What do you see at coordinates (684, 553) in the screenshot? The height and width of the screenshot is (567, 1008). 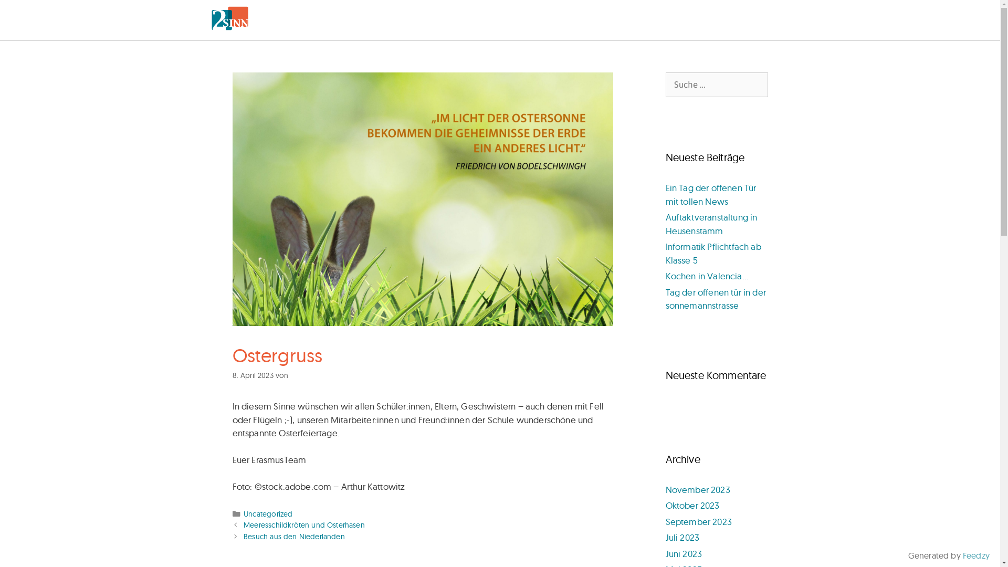 I see `'Juni 2023'` at bounding box center [684, 553].